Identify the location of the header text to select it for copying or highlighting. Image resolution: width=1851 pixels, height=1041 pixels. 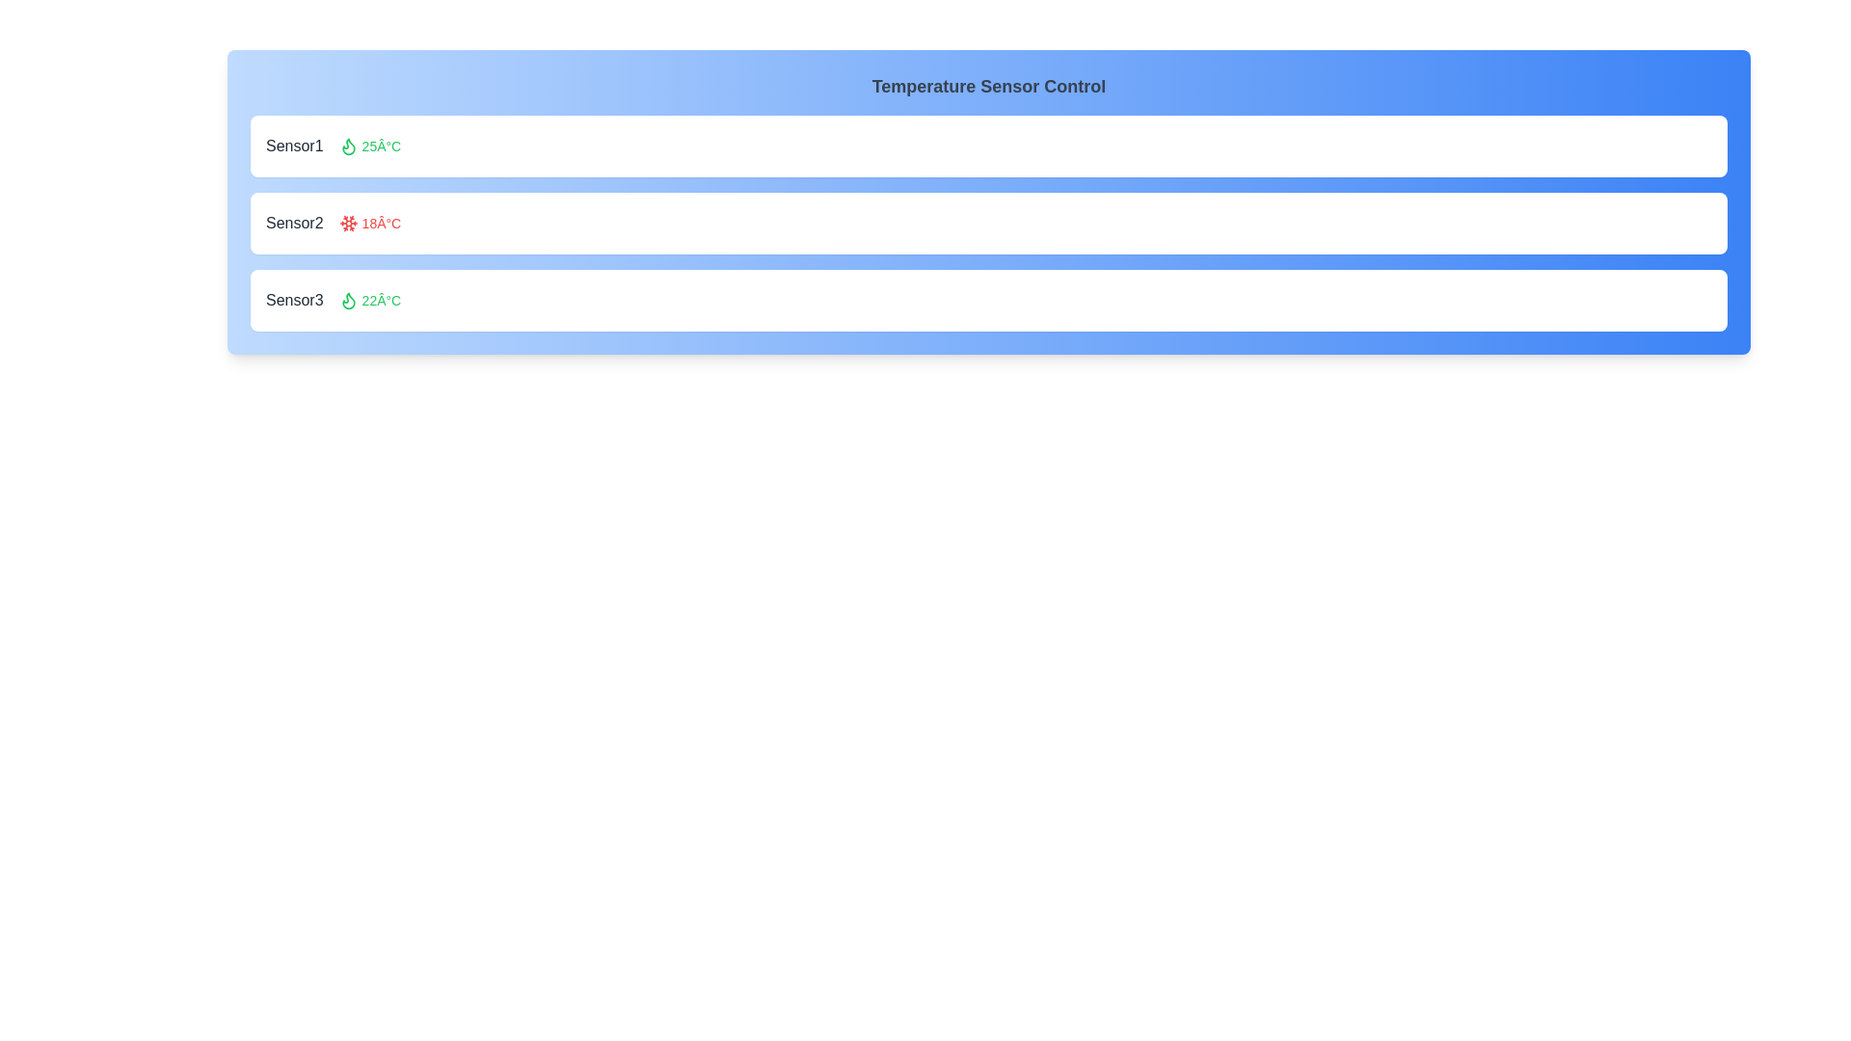
(989, 85).